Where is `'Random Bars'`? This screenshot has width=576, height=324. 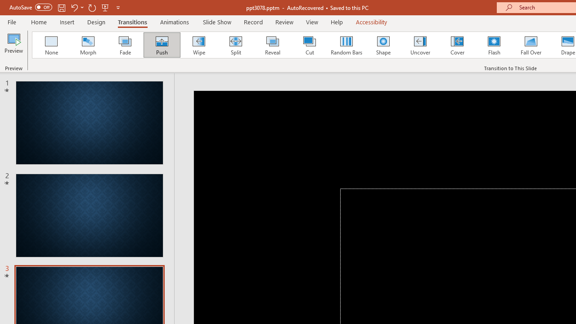 'Random Bars' is located at coordinates (346, 45).